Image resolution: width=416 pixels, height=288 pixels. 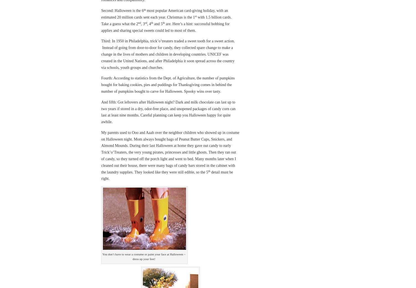 I want to click on 'My parents used to Ooo and Aaah over the neighbor children who showed up in costume on Halloween night. Mom always bought bags of Peanut Butter Cups, Snickers, and Almond Mounds. During their last Halloween at home they gave out candy to early Trick’o’Treaters, the very young pirates, princesses and little ghosts. Then they ran out of candy, so they turned off the porch light and went to bed. Many months later when I cleaned out their house, there were many bags of candy bars stored in the cabinet with the laundry supplies. They looked like they were still edible, so the 5', so click(x=170, y=152).